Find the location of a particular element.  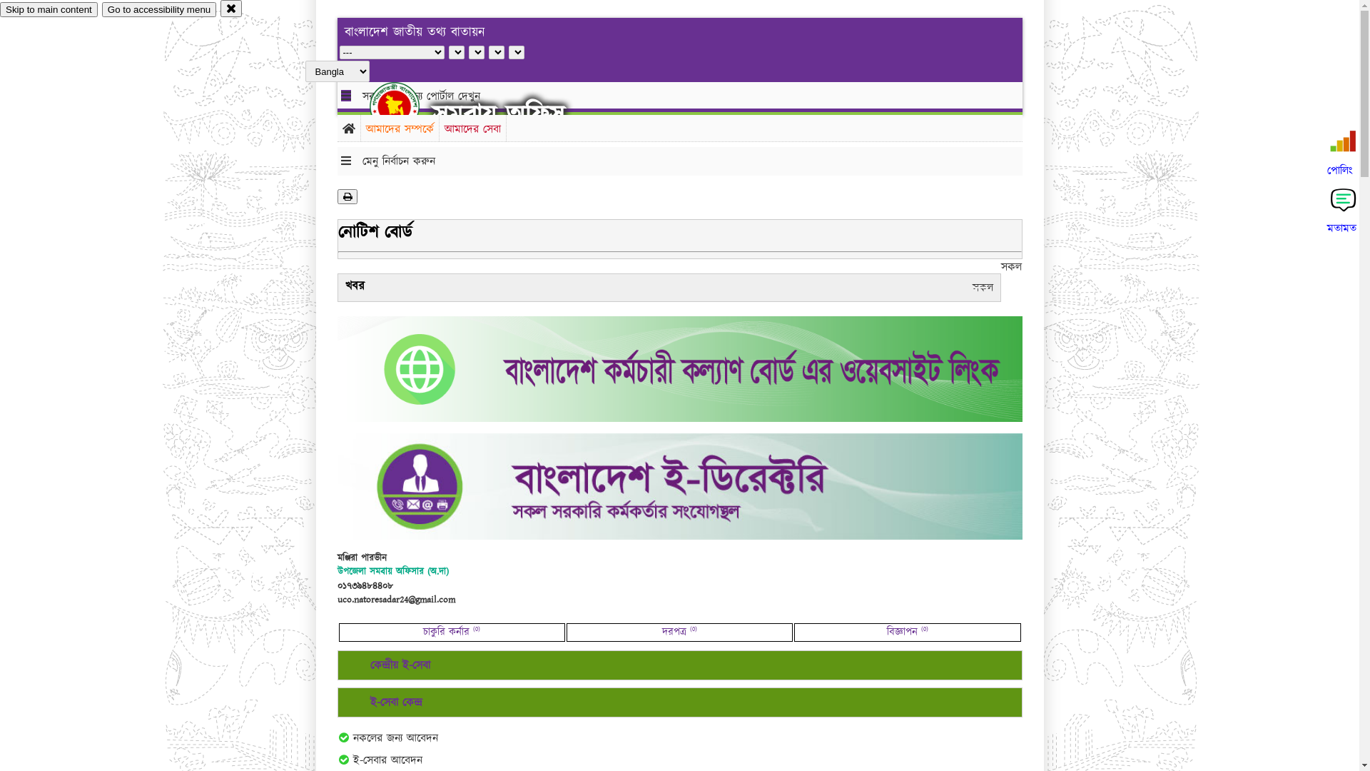

'Go to accessibility menu' is located at coordinates (158, 9).